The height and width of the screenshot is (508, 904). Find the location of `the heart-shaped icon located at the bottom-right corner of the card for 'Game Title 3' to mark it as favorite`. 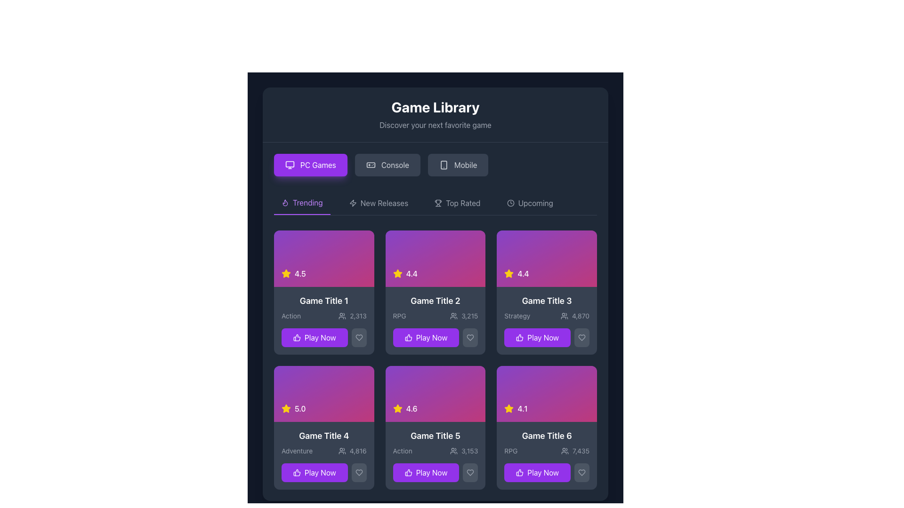

the heart-shaped icon located at the bottom-right corner of the card for 'Game Title 3' to mark it as favorite is located at coordinates (581, 337).